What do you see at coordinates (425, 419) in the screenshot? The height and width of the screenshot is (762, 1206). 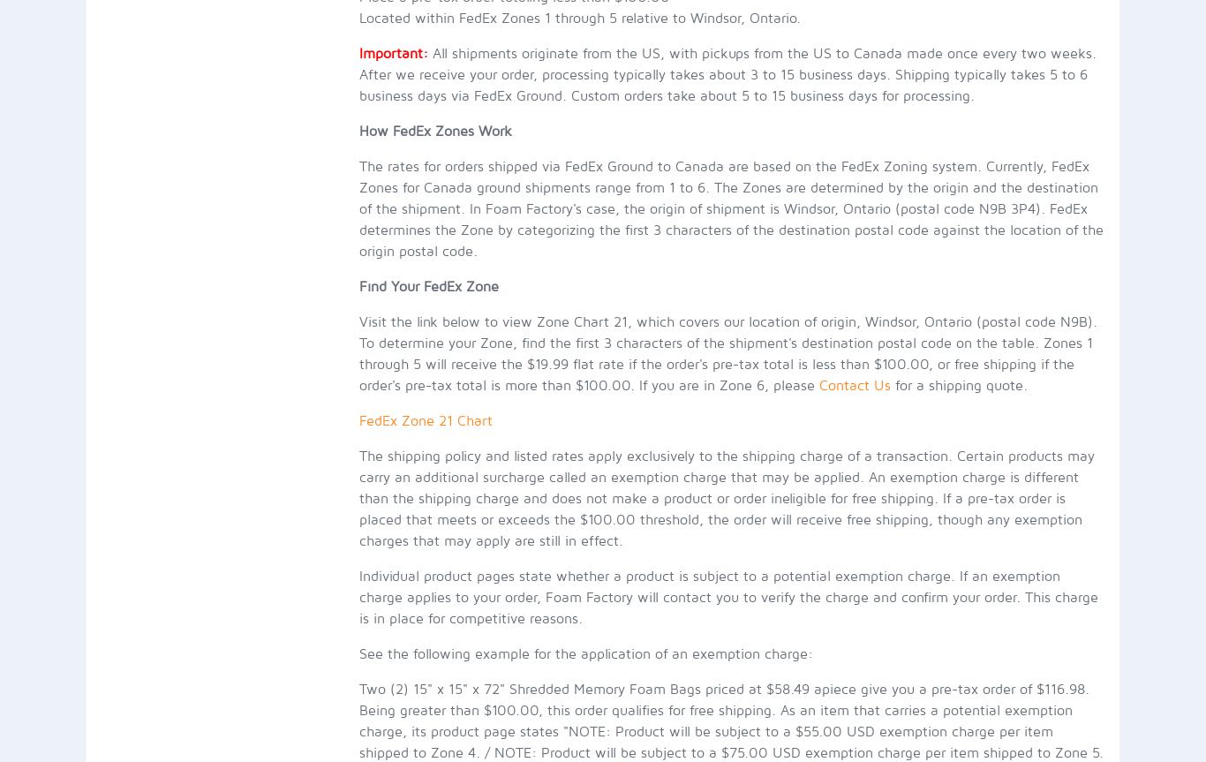 I see `'FedEx Zone 21 Chart'` at bounding box center [425, 419].